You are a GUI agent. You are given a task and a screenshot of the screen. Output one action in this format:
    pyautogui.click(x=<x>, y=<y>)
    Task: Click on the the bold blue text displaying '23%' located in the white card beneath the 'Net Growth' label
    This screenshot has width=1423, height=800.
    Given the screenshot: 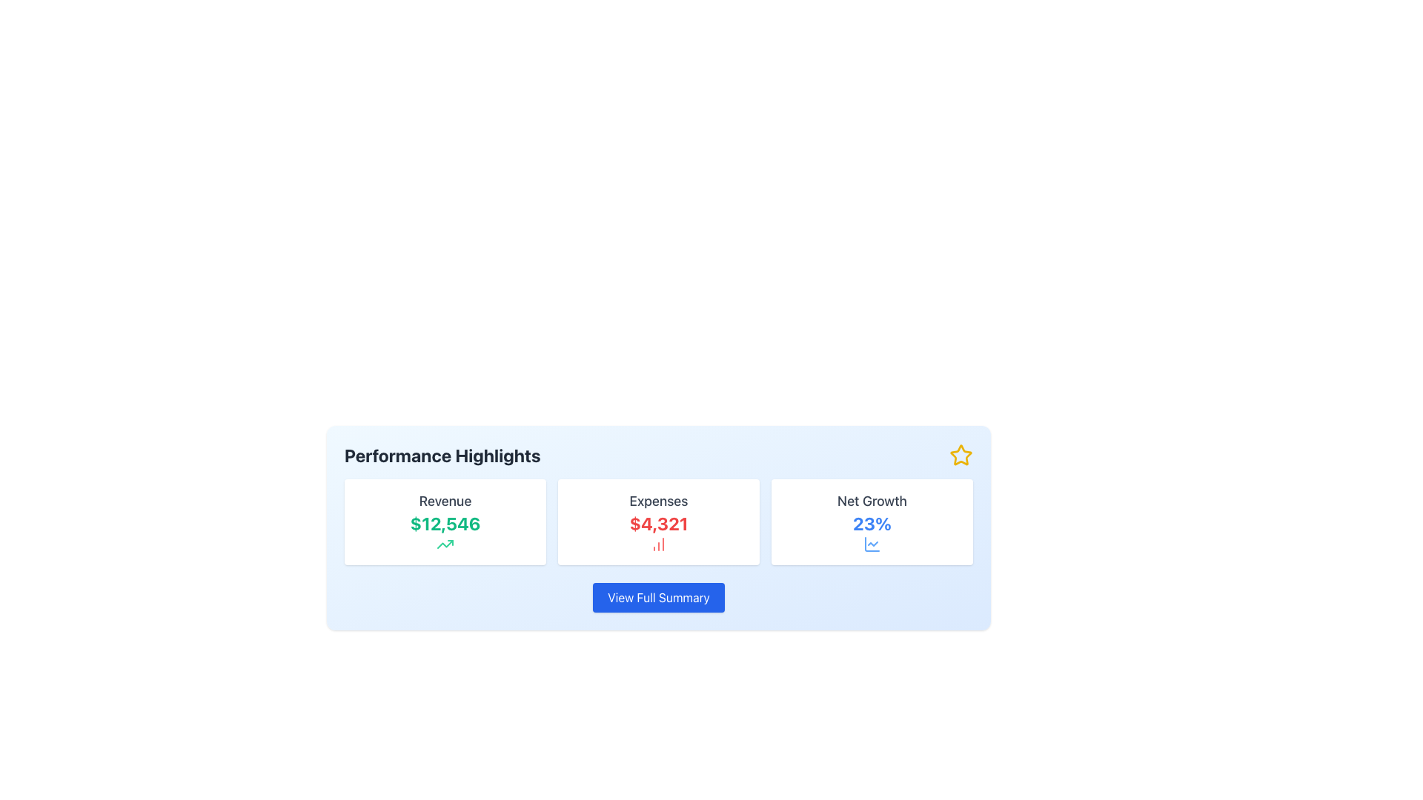 What is the action you would take?
    pyautogui.click(x=872, y=522)
    